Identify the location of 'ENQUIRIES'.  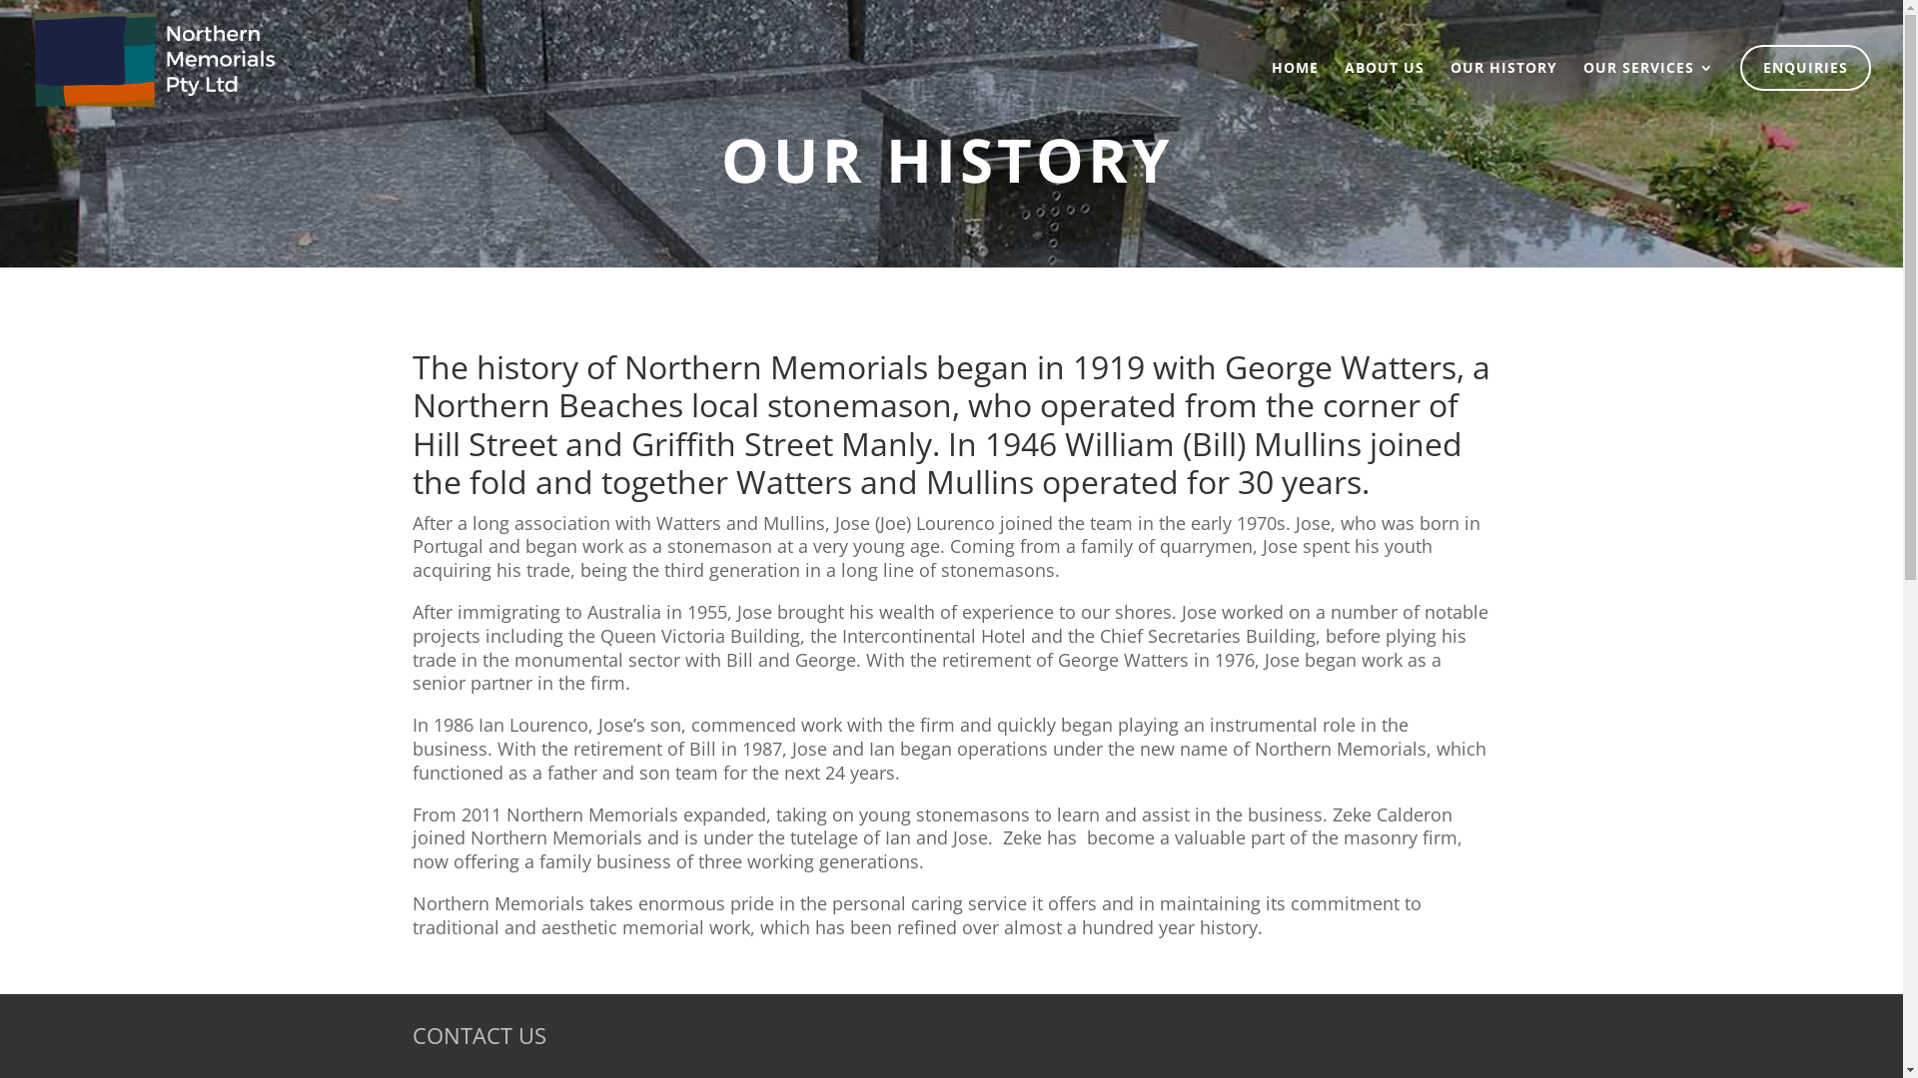
(1805, 67).